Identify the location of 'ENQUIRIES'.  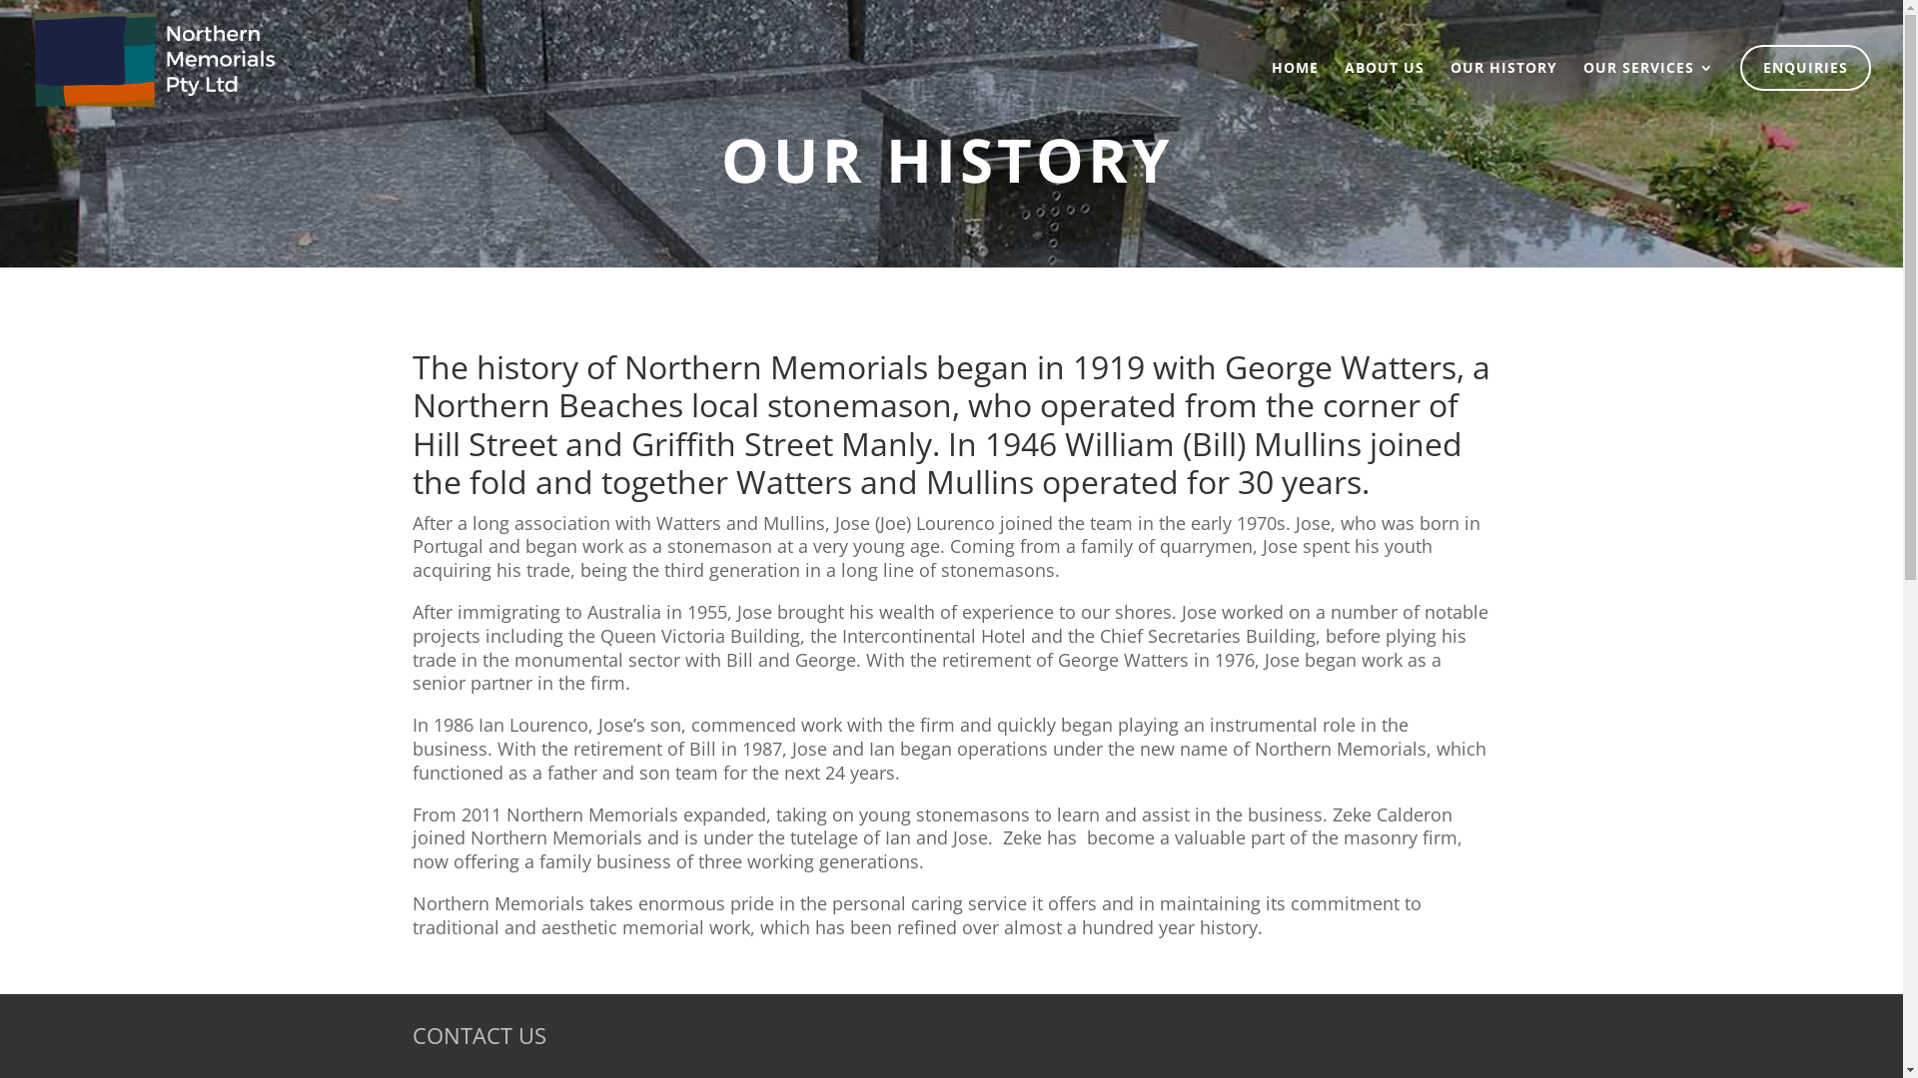
(1805, 67).